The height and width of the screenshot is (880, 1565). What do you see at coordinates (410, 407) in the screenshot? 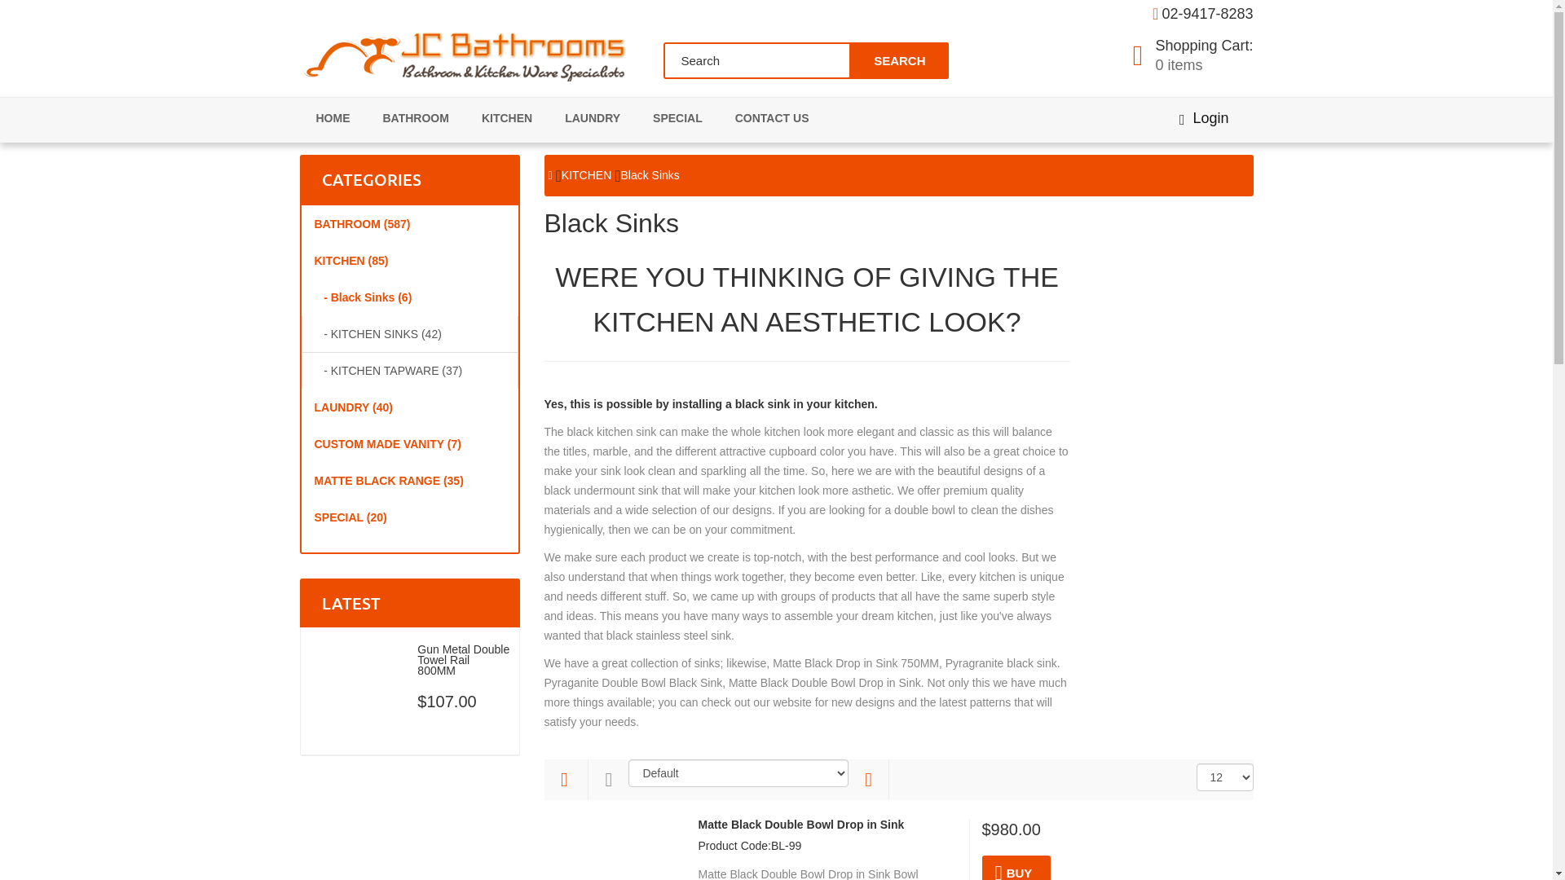
I see `'LAUNDRY (40)'` at bounding box center [410, 407].